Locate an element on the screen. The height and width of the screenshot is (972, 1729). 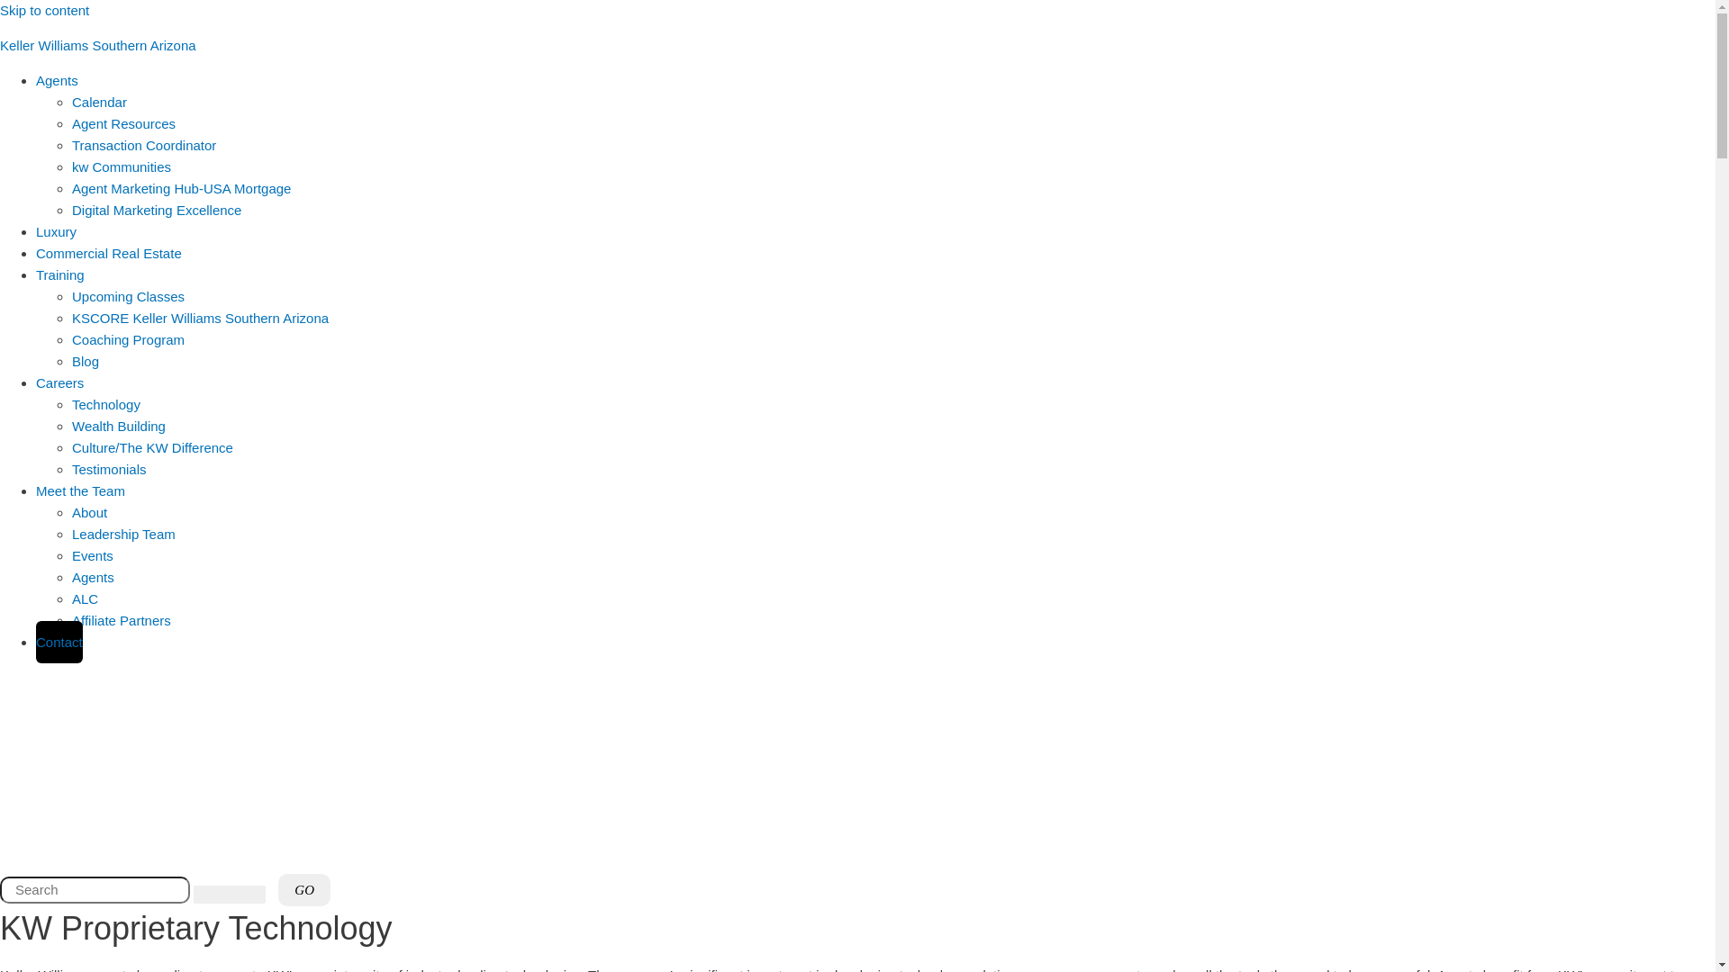
'Commercial Real Estate' is located at coordinates (107, 253).